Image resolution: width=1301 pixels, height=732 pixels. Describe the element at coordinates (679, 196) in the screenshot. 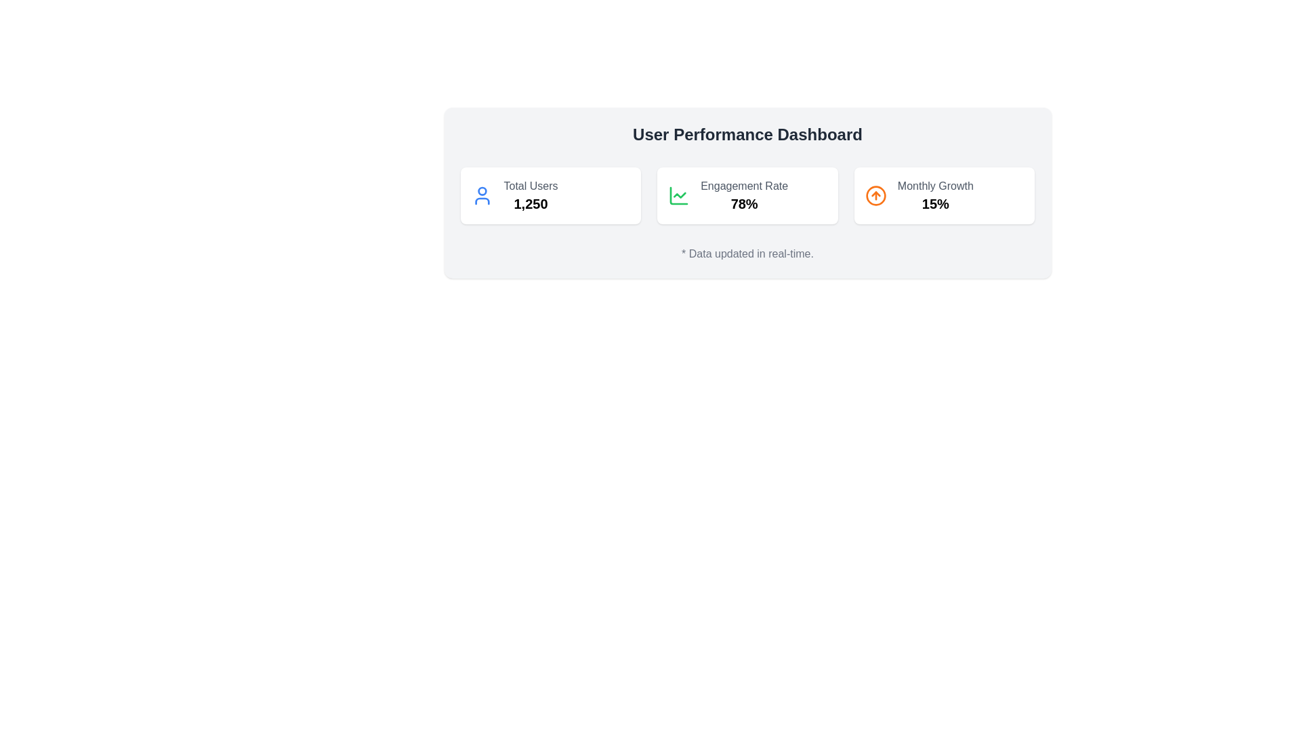

I see `the green line chart icon within the 'Engagement Rate' card, which displays the text 'Engagement Rate' and '78%'` at that location.